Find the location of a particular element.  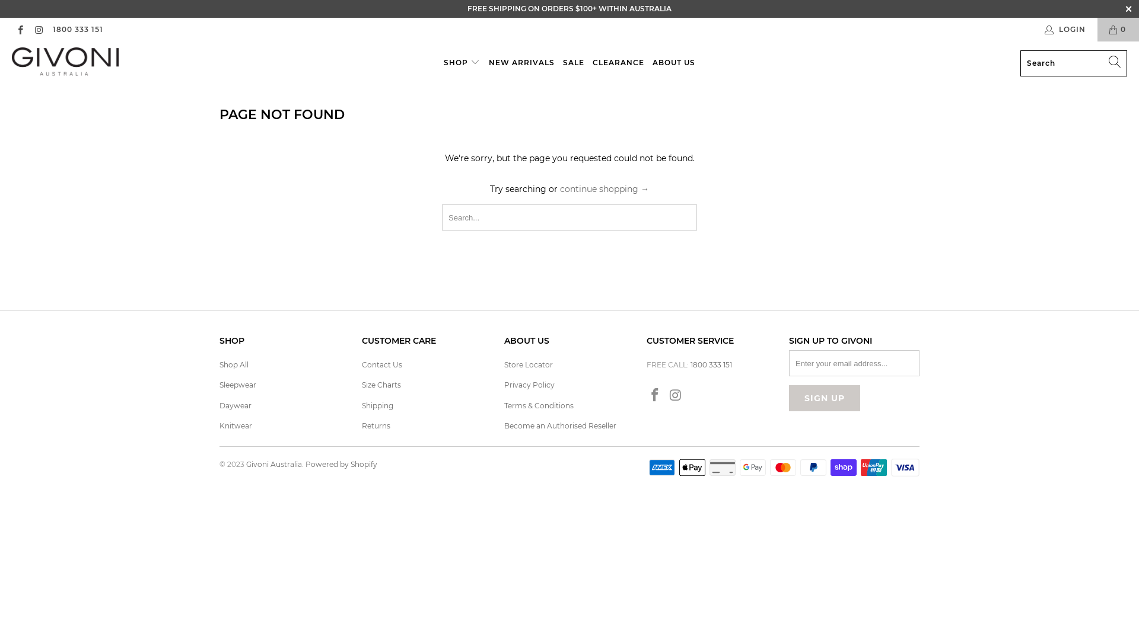

'Shipping' is located at coordinates (377, 405).